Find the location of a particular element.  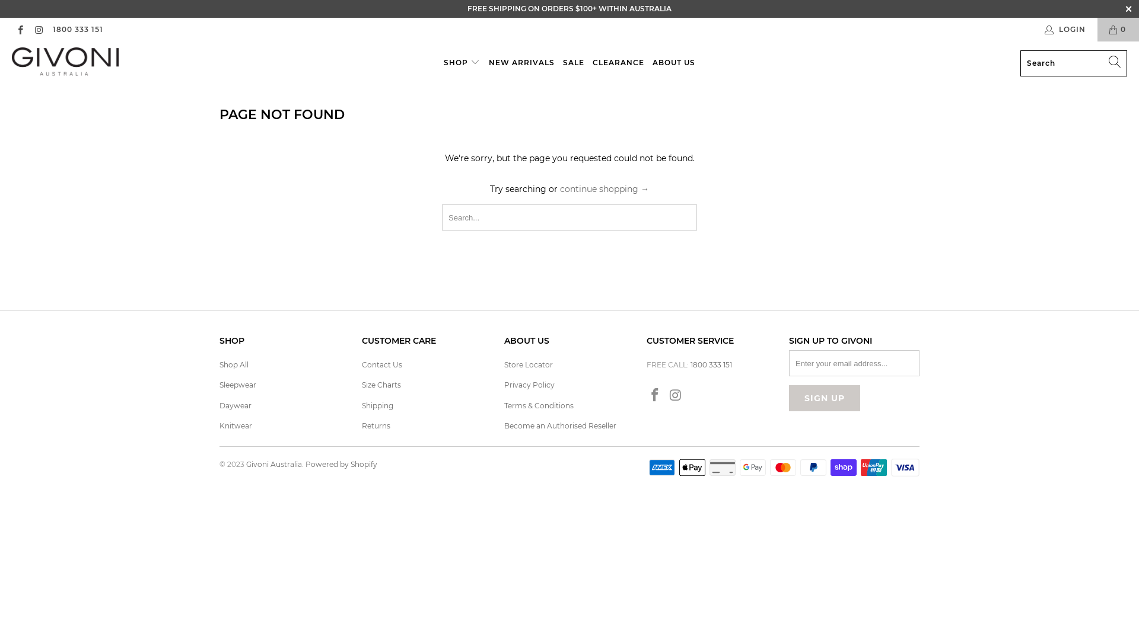

'Shipping' is located at coordinates (377, 405).